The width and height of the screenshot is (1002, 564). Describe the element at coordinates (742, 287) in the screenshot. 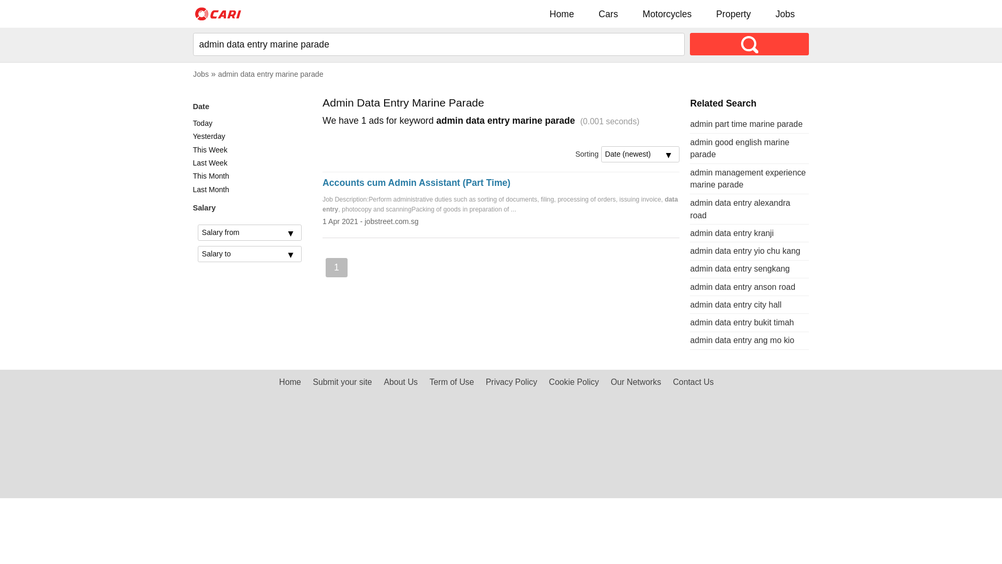

I see `'admin data entry anson road'` at that location.